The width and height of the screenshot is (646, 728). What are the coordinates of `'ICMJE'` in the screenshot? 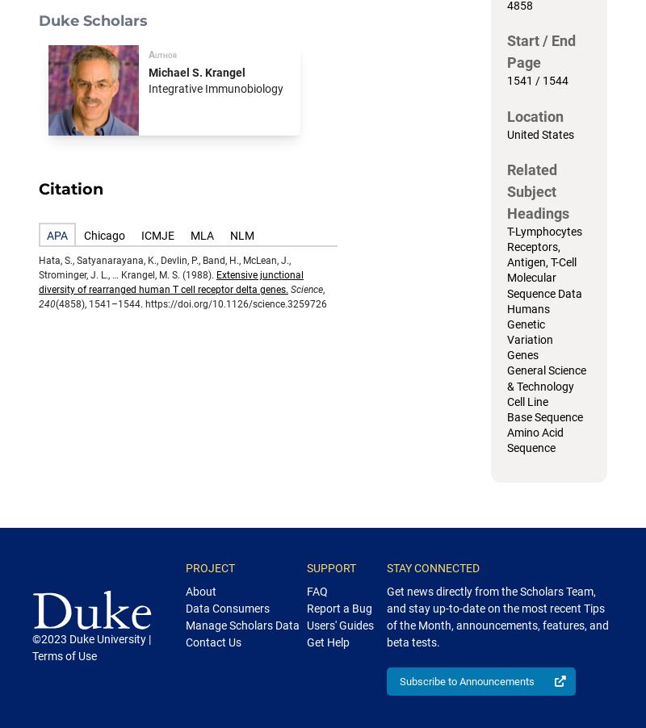 It's located at (157, 235).